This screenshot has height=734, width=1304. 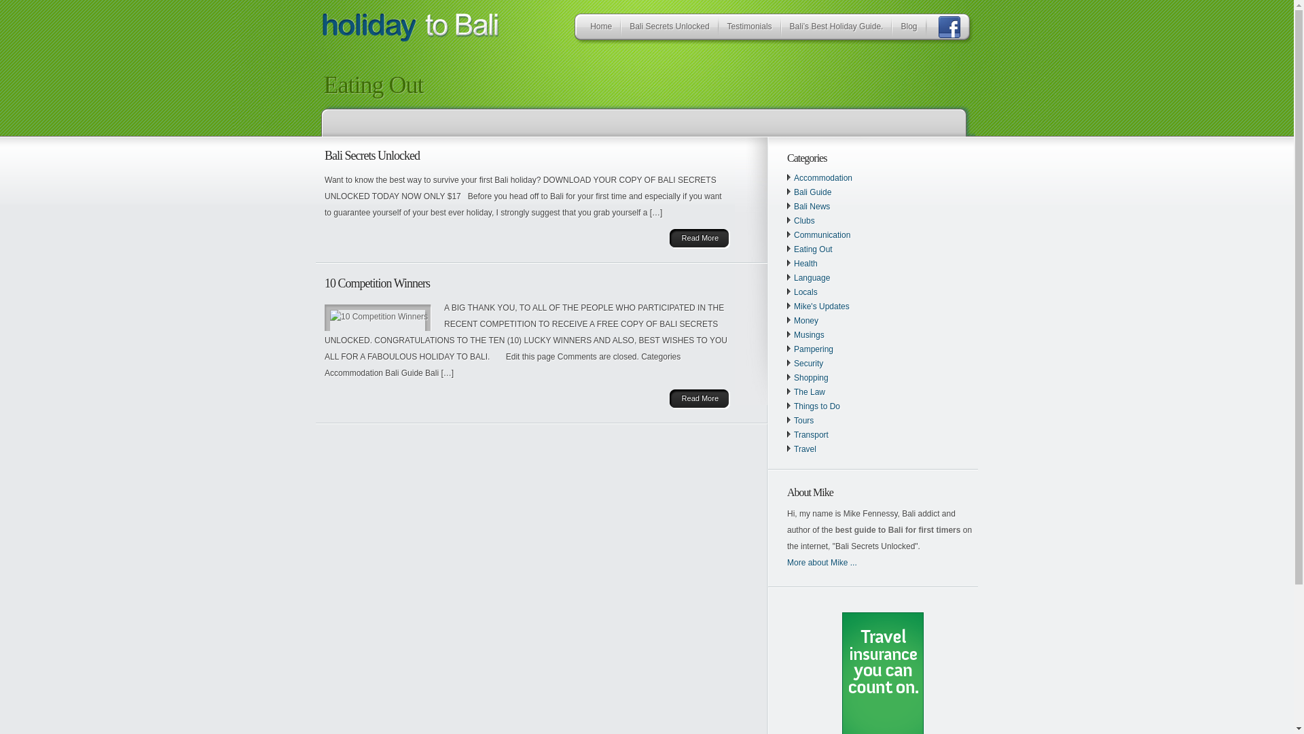 What do you see at coordinates (324, 282) in the screenshot?
I see `'10 Competition Winners'` at bounding box center [324, 282].